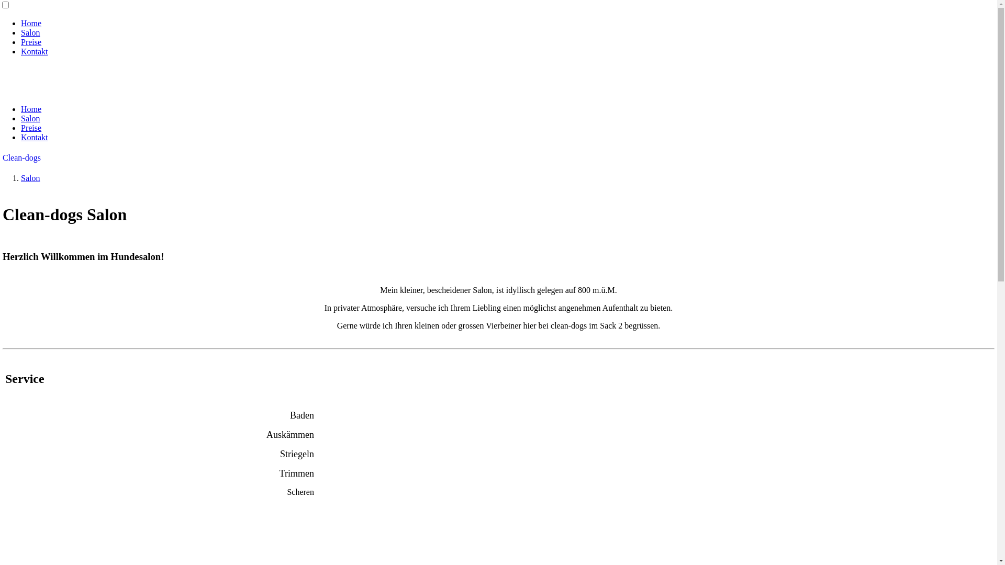  I want to click on 'Home', so click(31, 109).